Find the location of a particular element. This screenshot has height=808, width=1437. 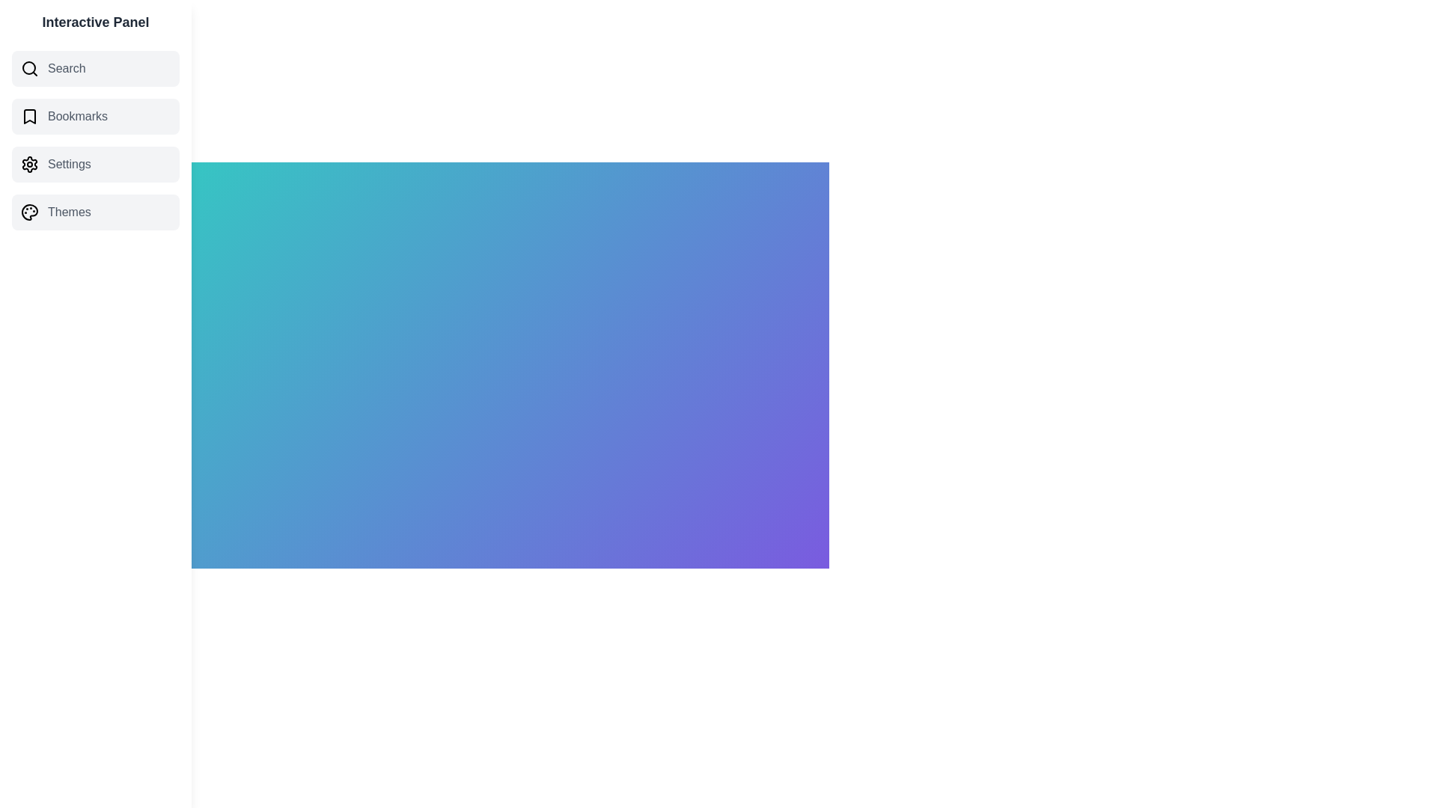

the category item Themes to see its hover effect is located at coordinates (95, 212).